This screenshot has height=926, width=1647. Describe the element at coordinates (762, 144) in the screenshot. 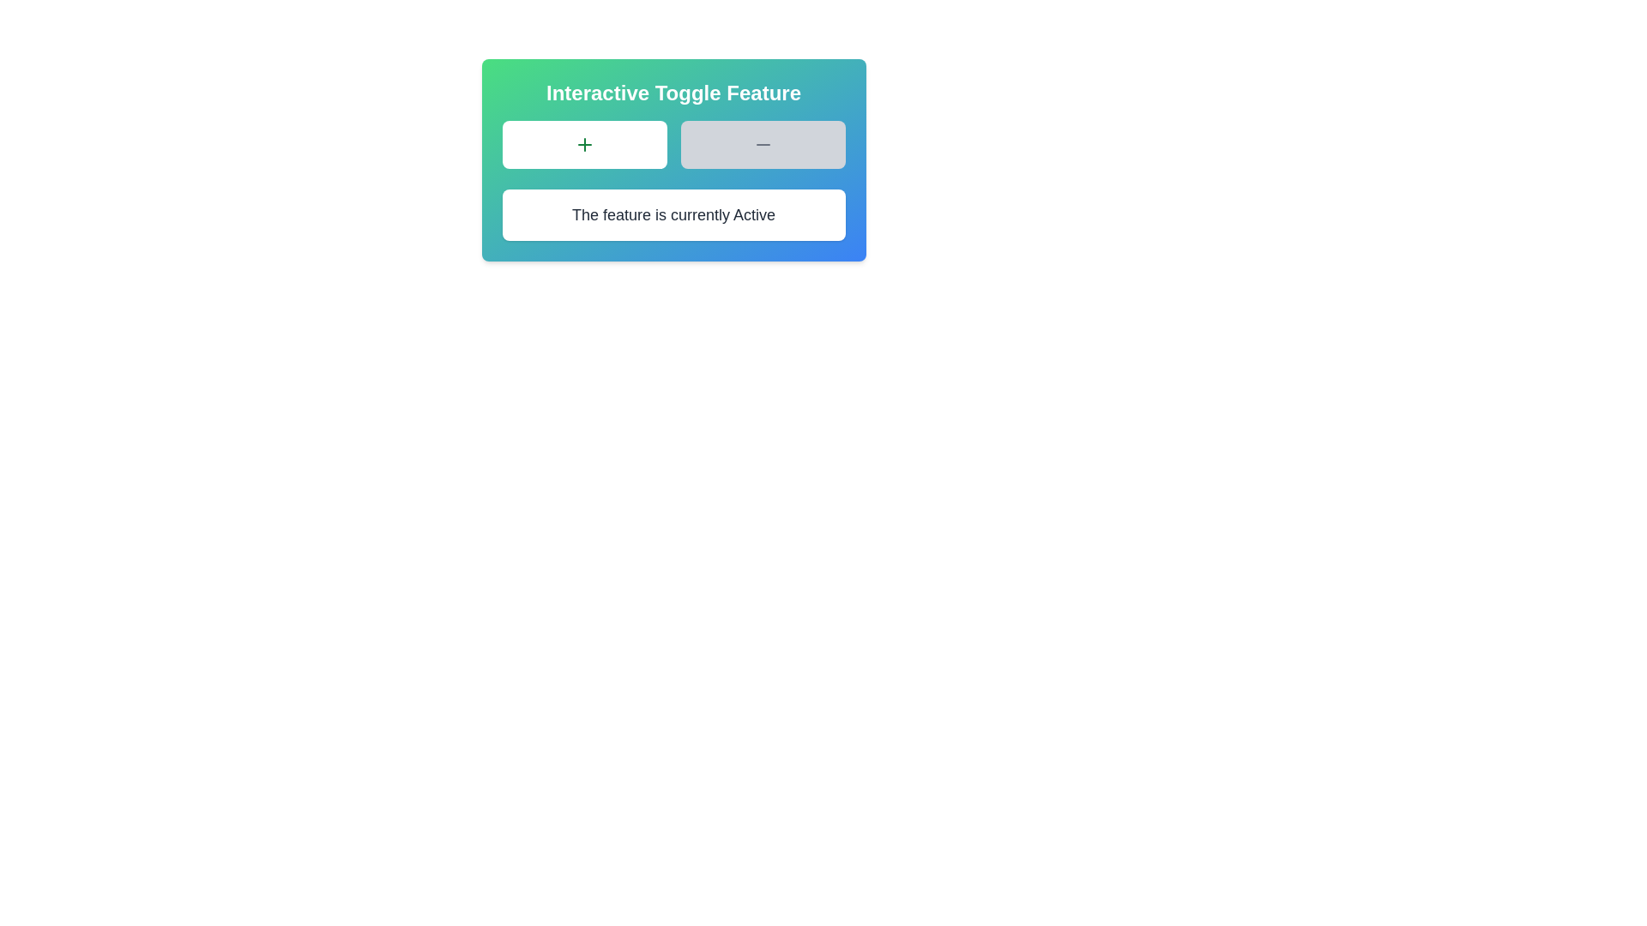

I see `the rounded rectangle button with a gray background and a minus icon, located to the right of the green plus button` at that location.